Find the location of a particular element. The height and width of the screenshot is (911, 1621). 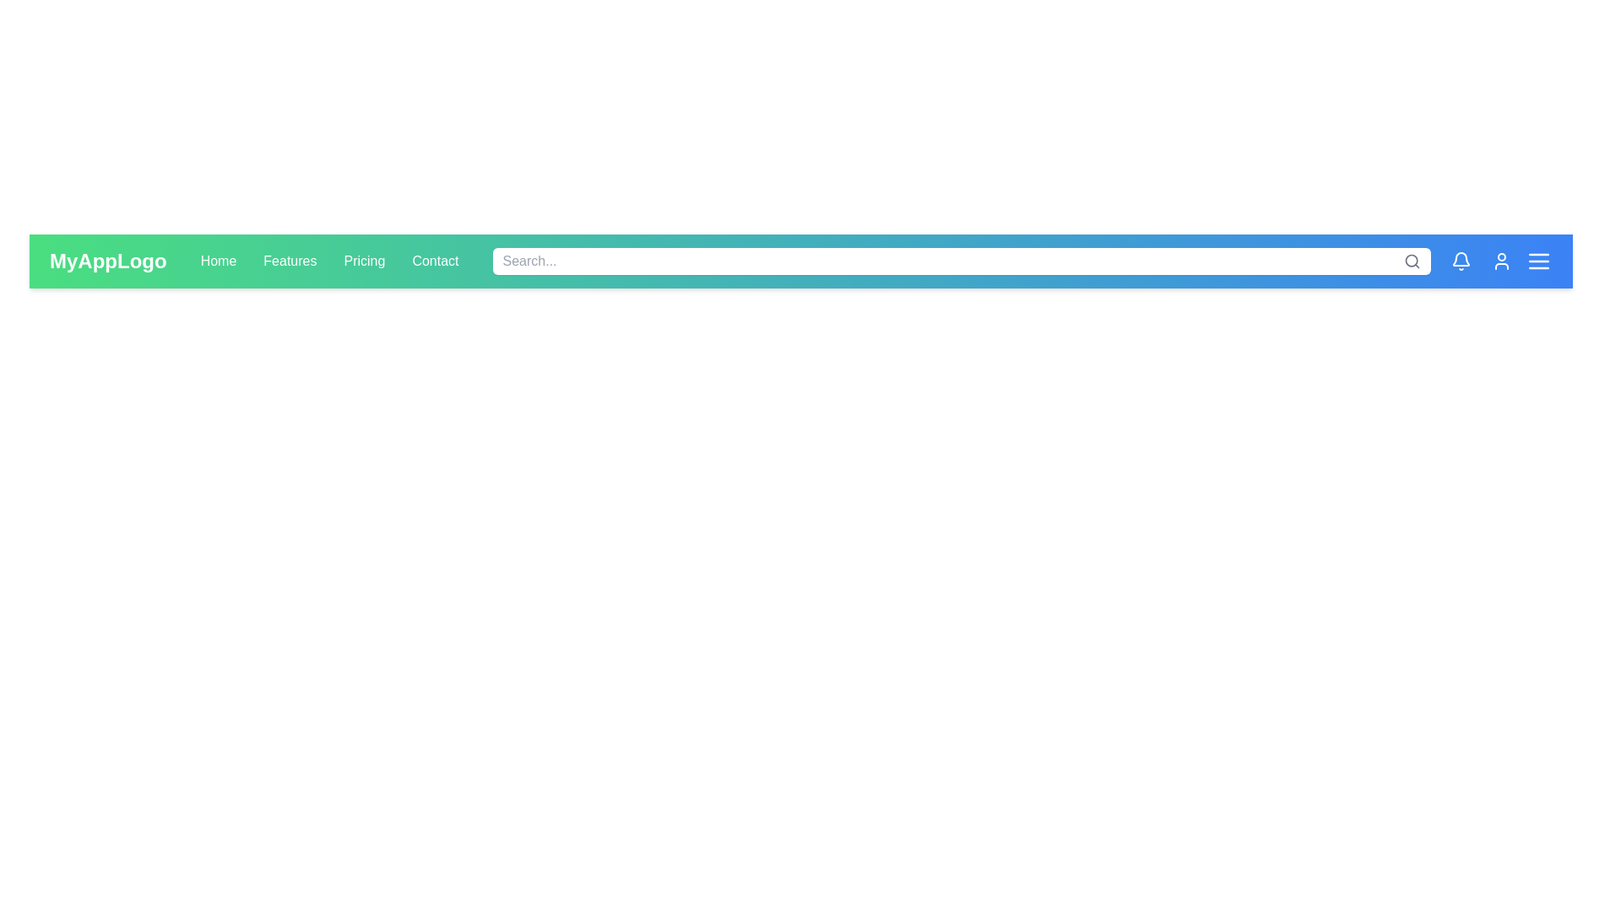

the 'Pricing' hyperlink located in the navigation menu is located at coordinates (364, 261).